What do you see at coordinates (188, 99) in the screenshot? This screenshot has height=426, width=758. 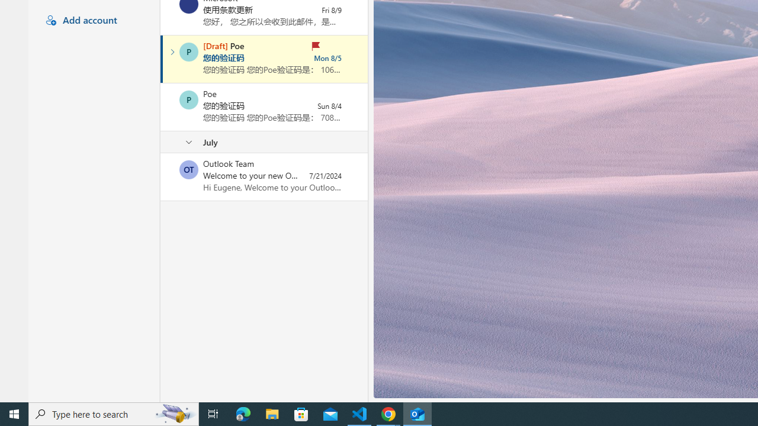 I see `'Poe'` at bounding box center [188, 99].